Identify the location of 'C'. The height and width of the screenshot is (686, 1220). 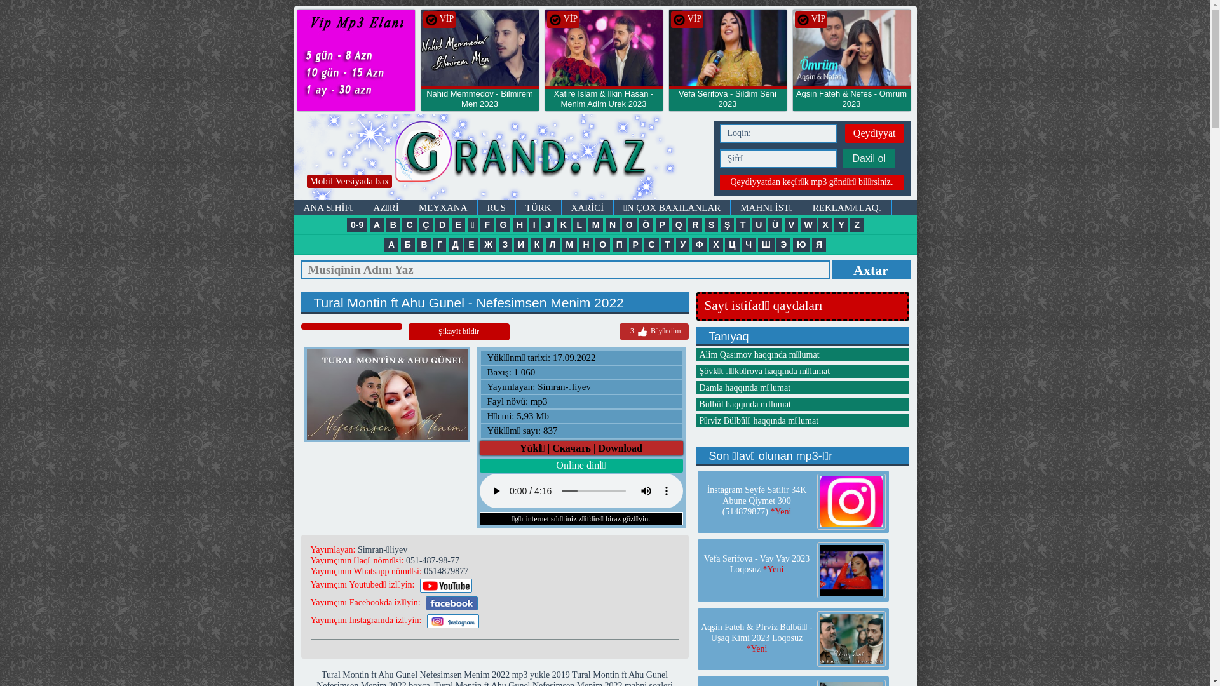
(409, 224).